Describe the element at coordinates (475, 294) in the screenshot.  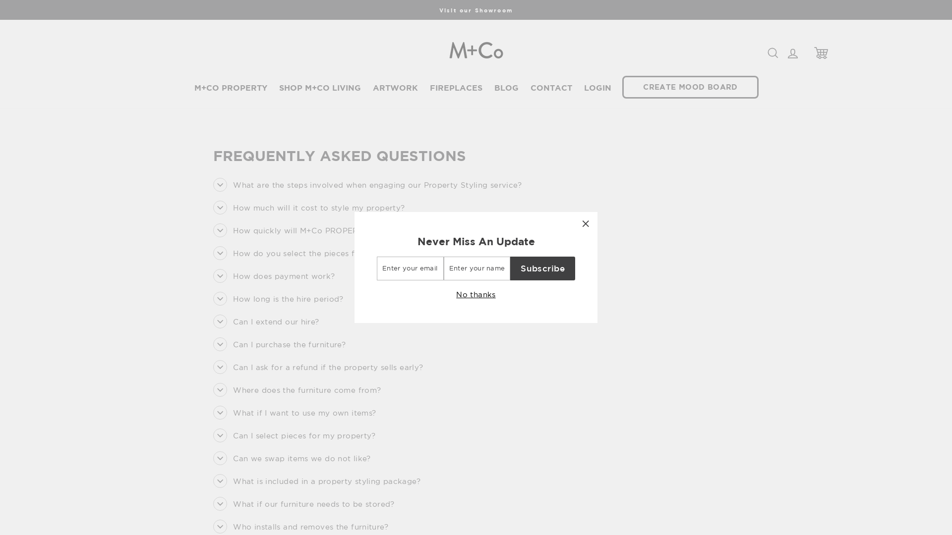
I see `'No thanks'` at that location.